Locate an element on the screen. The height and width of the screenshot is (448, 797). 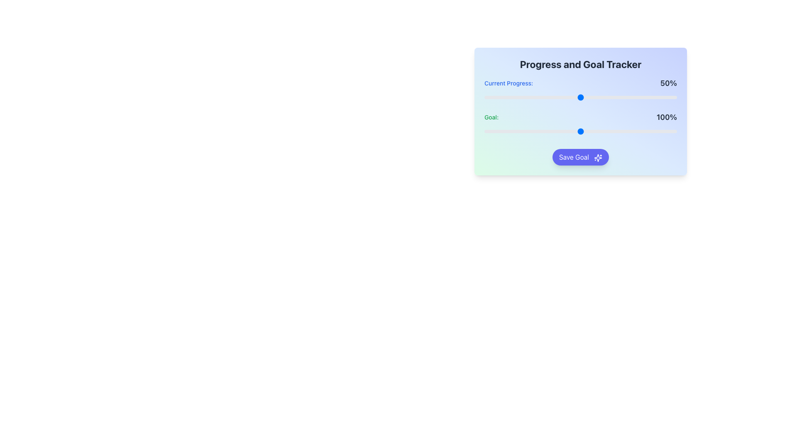
the slider value is located at coordinates (663, 131).